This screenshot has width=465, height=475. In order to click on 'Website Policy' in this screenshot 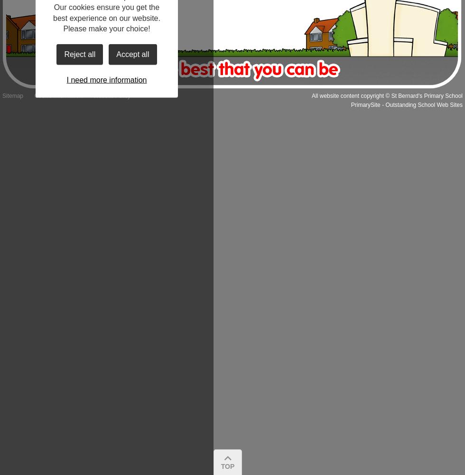, I will do `click(112, 95)`.